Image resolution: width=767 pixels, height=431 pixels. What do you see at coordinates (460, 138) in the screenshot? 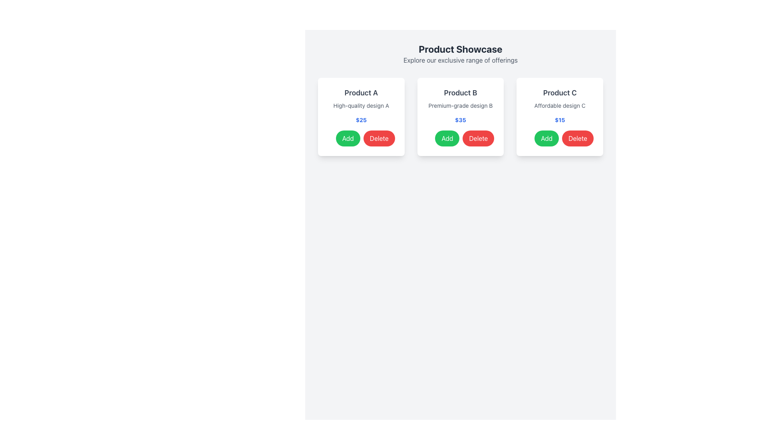
I see `the 'Add' and 'Delete' buttons within the product card for 'Product B' to trigger their hover state effects` at bounding box center [460, 138].